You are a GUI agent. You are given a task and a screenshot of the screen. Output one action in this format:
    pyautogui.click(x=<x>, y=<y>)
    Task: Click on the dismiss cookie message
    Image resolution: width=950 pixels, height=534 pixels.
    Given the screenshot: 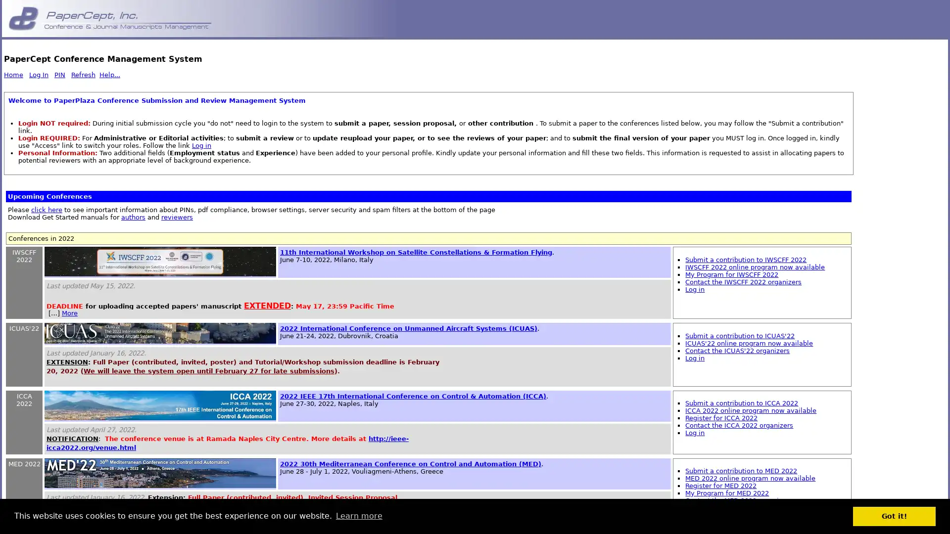 What is the action you would take?
    pyautogui.click(x=894, y=516)
    